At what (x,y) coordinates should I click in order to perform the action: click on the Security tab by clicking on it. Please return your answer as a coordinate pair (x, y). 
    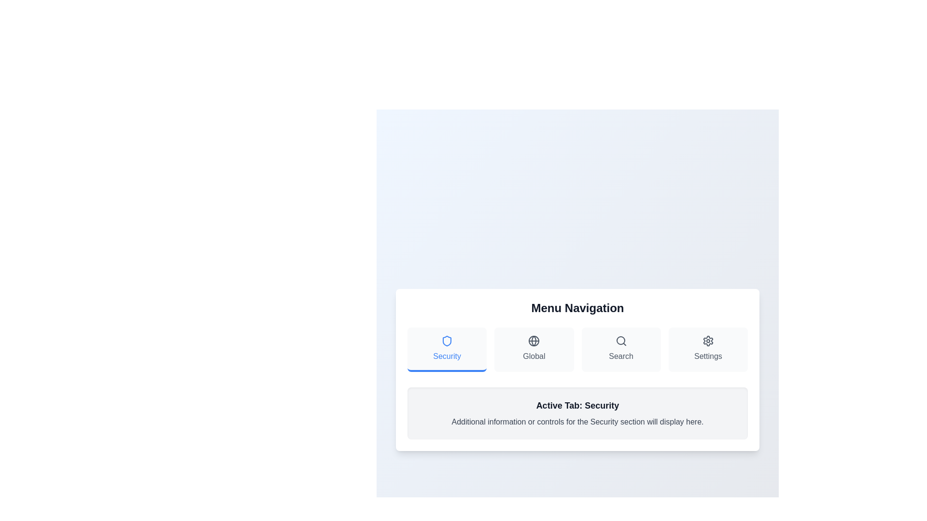
    Looking at the image, I should click on (447, 350).